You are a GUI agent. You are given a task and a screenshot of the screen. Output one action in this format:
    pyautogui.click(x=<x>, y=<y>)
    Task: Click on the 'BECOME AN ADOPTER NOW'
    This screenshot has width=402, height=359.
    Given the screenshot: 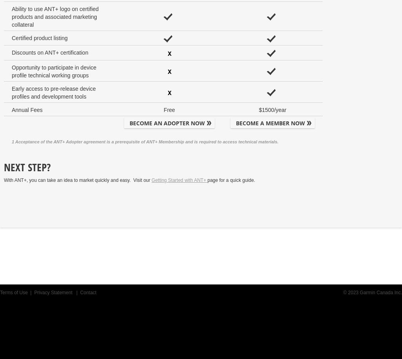 What is the action you would take?
    pyautogui.click(x=166, y=123)
    